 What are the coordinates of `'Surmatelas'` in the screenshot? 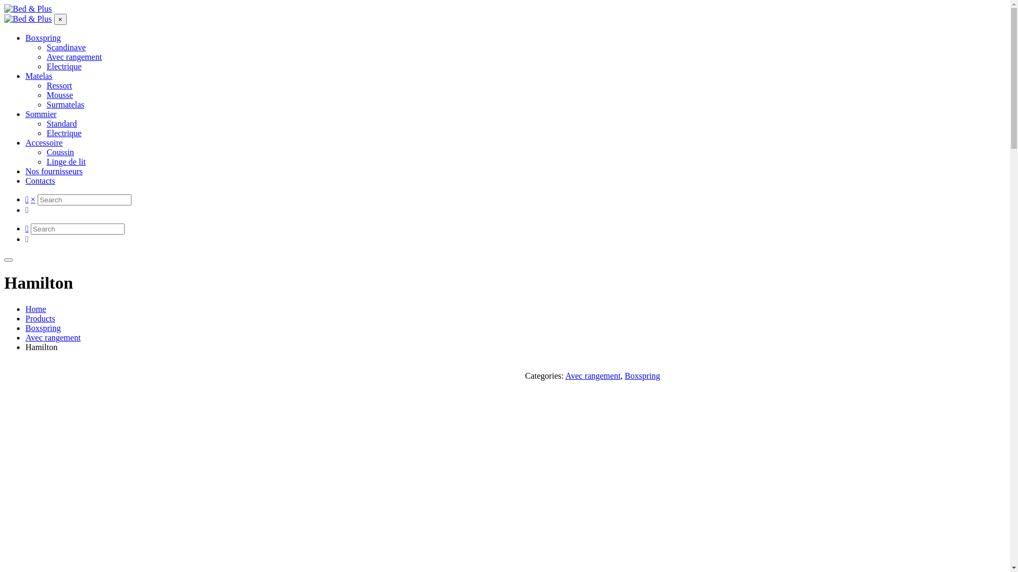 It's located at (65, 104).